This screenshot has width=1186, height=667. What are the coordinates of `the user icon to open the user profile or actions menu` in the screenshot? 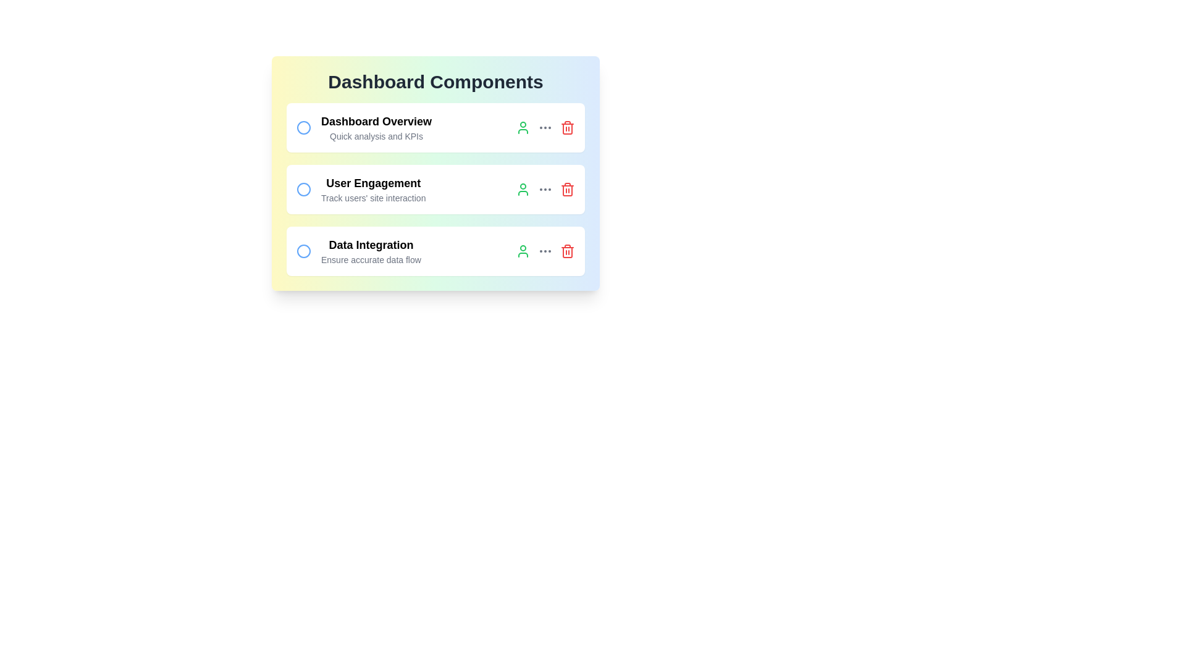 It's located at (523, 128).